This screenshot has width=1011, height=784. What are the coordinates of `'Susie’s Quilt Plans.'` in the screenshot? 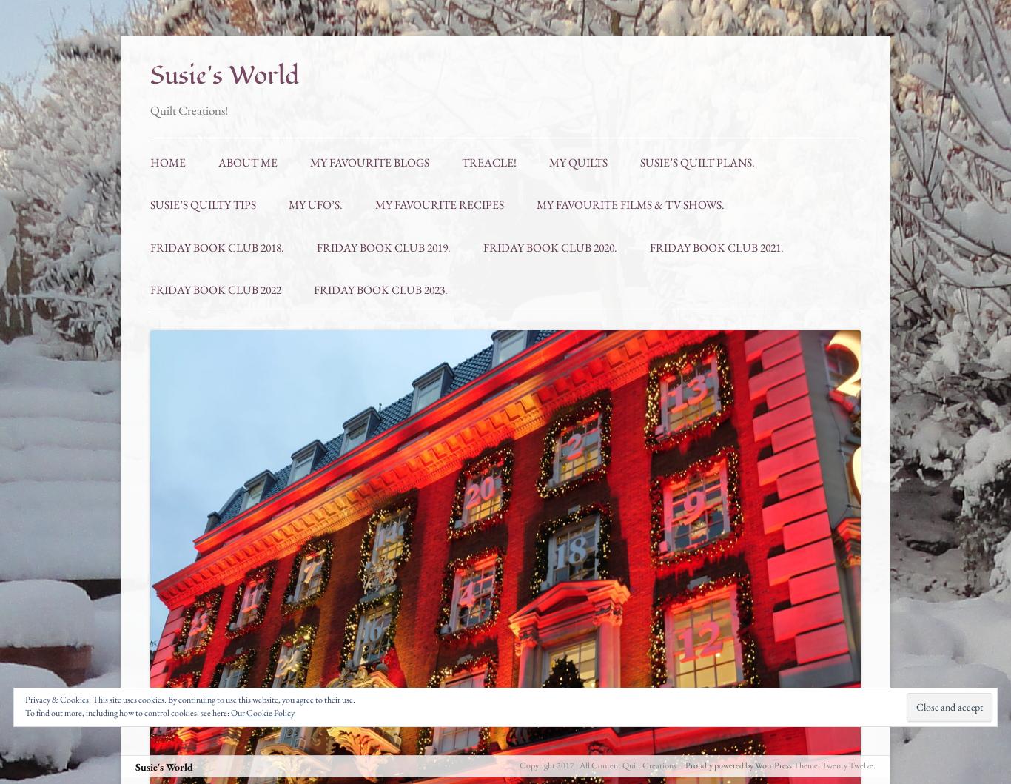 It's located at (639, 161).